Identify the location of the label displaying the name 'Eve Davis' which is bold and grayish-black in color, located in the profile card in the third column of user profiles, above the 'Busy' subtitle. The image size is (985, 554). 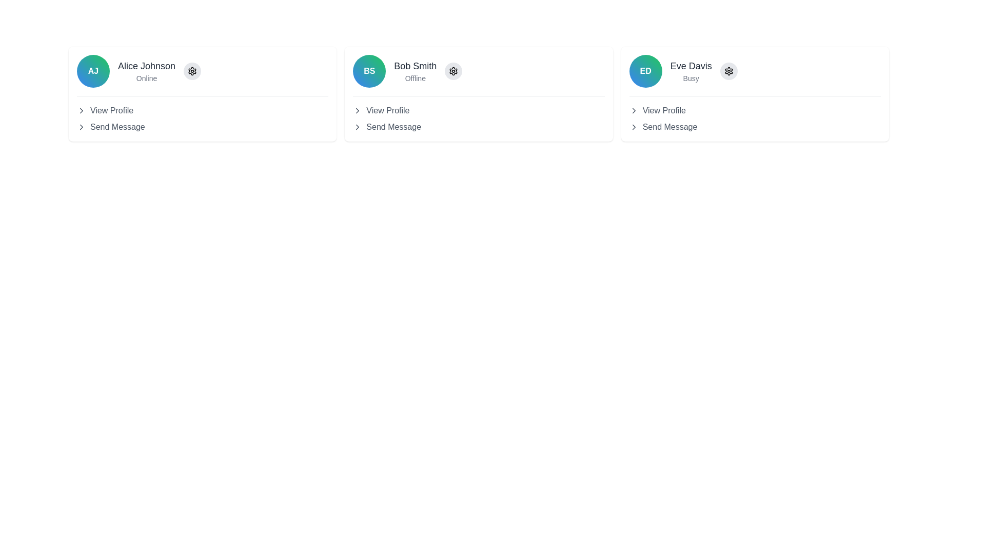
(691, 66).